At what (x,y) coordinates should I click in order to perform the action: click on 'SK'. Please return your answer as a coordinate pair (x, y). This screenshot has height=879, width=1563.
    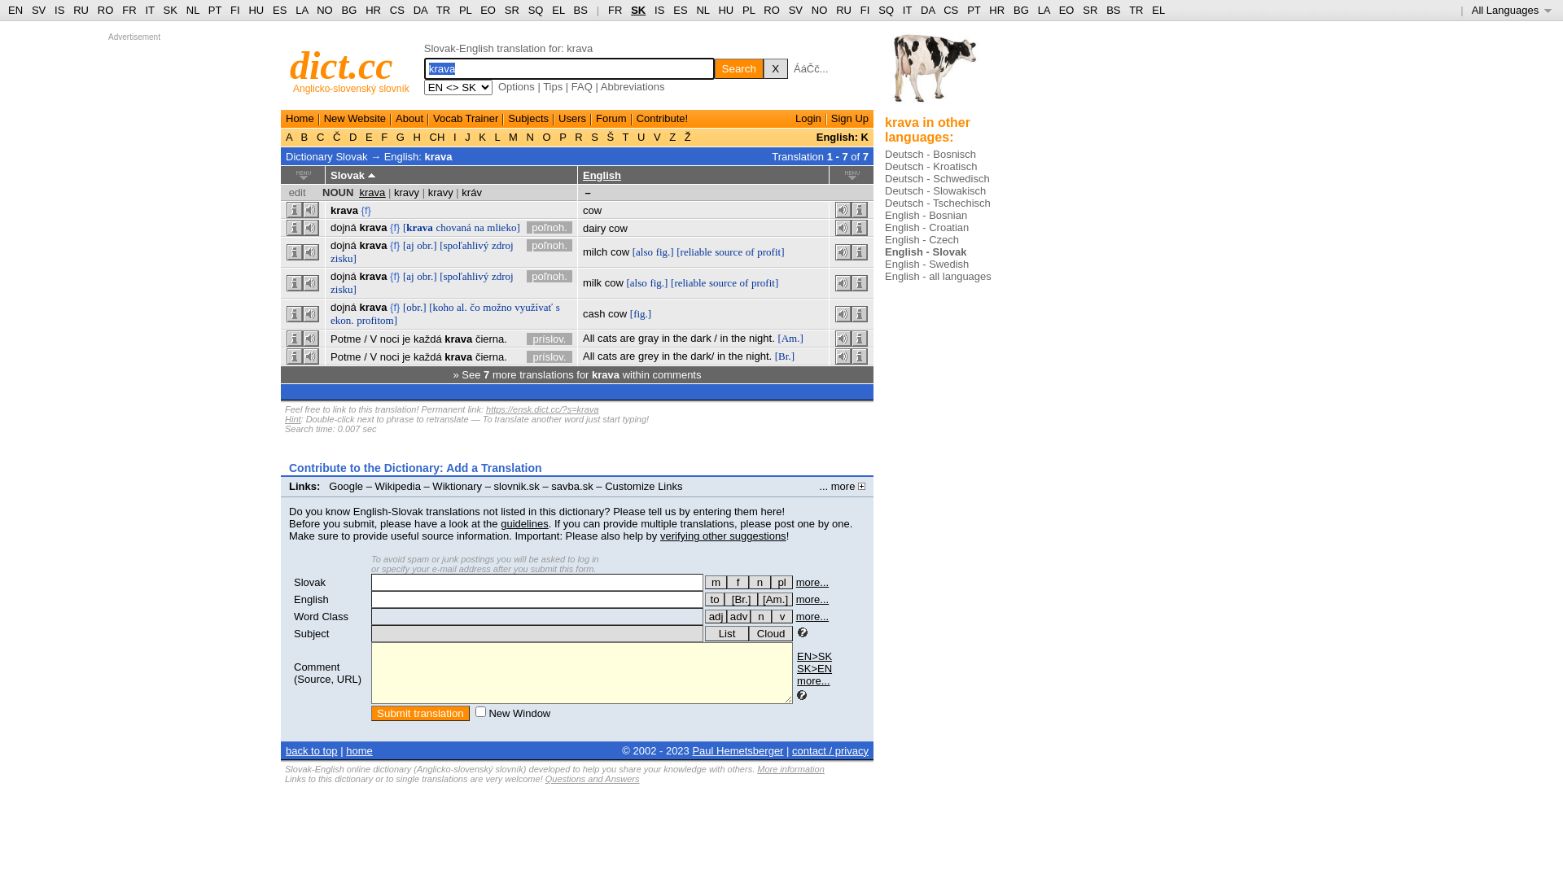
    Looking at the image, I should click on (629, 10).